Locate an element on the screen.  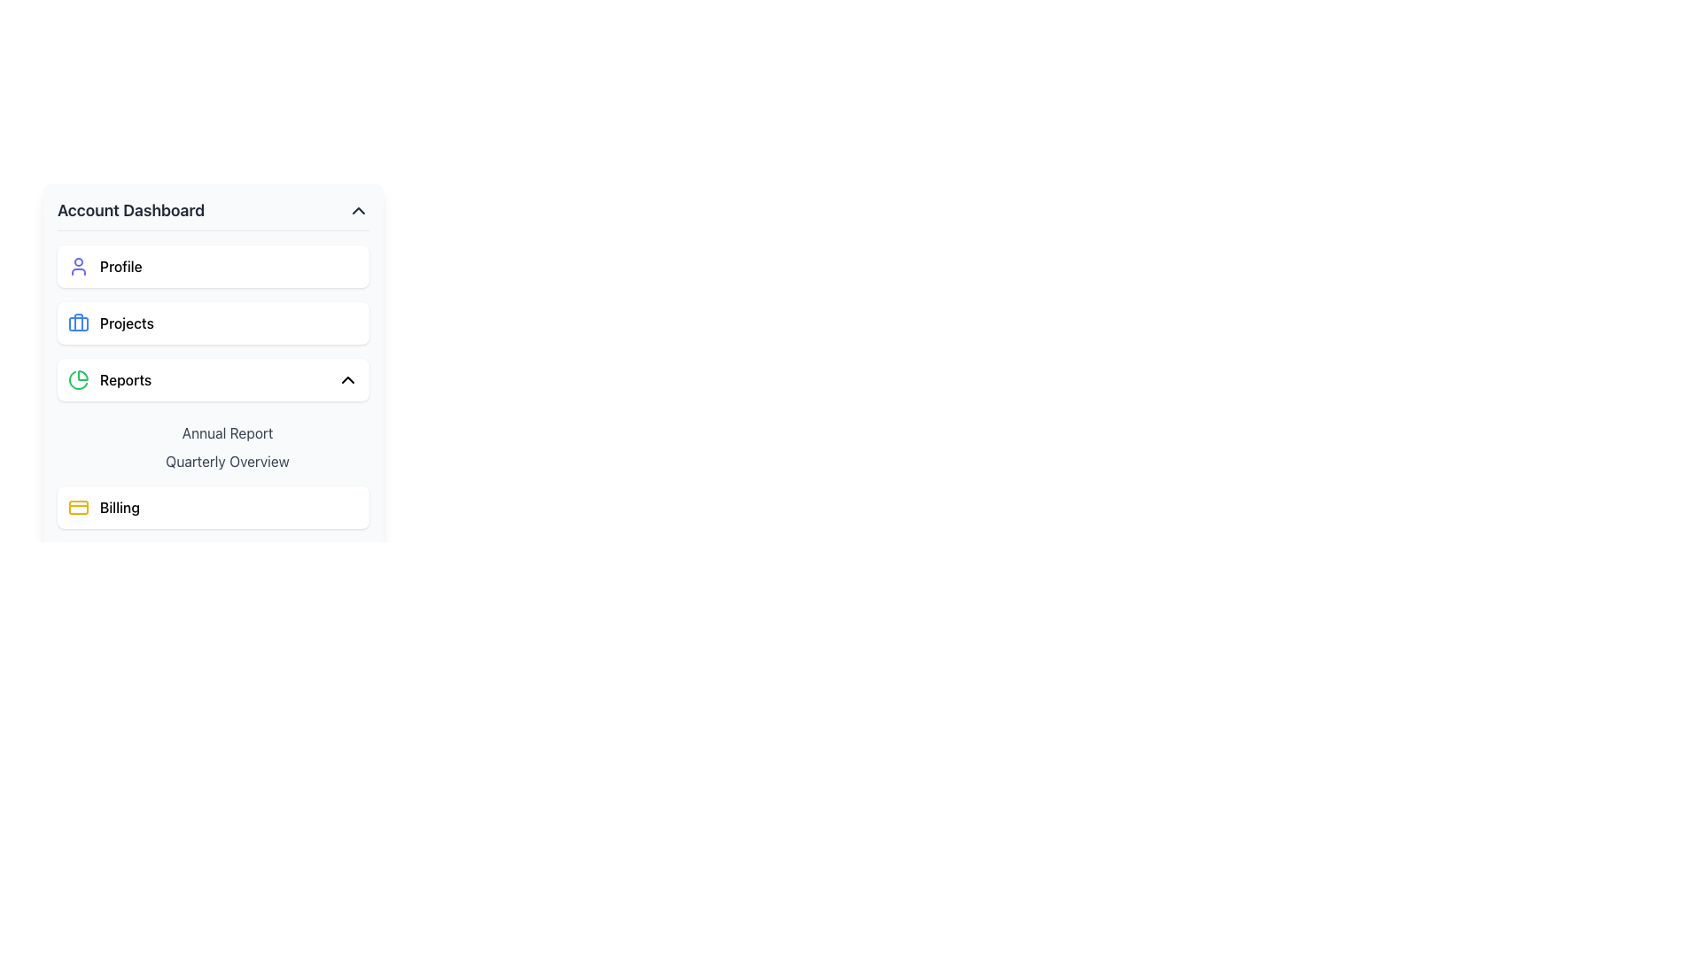
the user profile icon, which is a minimalistic representation of a person's head and shoulders, found within the 'Profile' card in the Account Dashboard menu is located at coordinates (78, 266).